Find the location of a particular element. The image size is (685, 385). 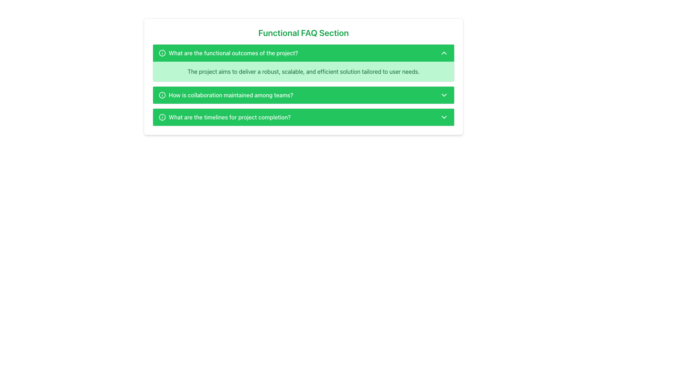

the text question 'What are the functional outcomes of the project?' which is displayed prominently in white on a green background in the FAQ section for additional information is located at coordinates (228, 53).